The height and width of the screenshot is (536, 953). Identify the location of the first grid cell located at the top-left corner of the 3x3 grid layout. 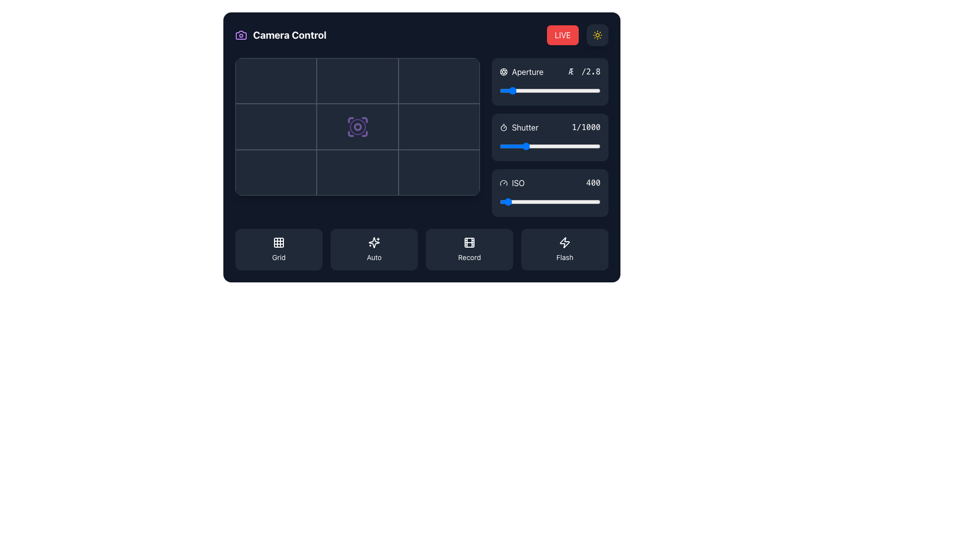
(276, 80).